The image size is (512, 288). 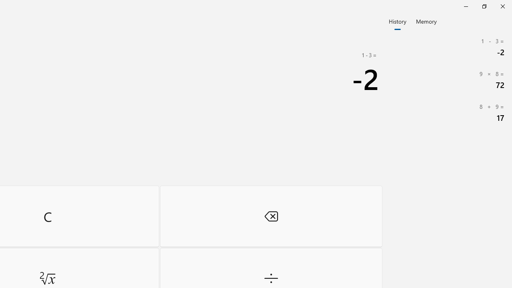 I want to click on 'Close Calculator', so click(x=502, y=6).